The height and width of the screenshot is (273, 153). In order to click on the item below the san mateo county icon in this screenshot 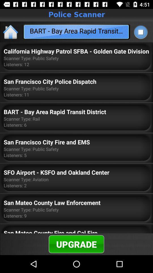, I will do `click(76, 244)`.